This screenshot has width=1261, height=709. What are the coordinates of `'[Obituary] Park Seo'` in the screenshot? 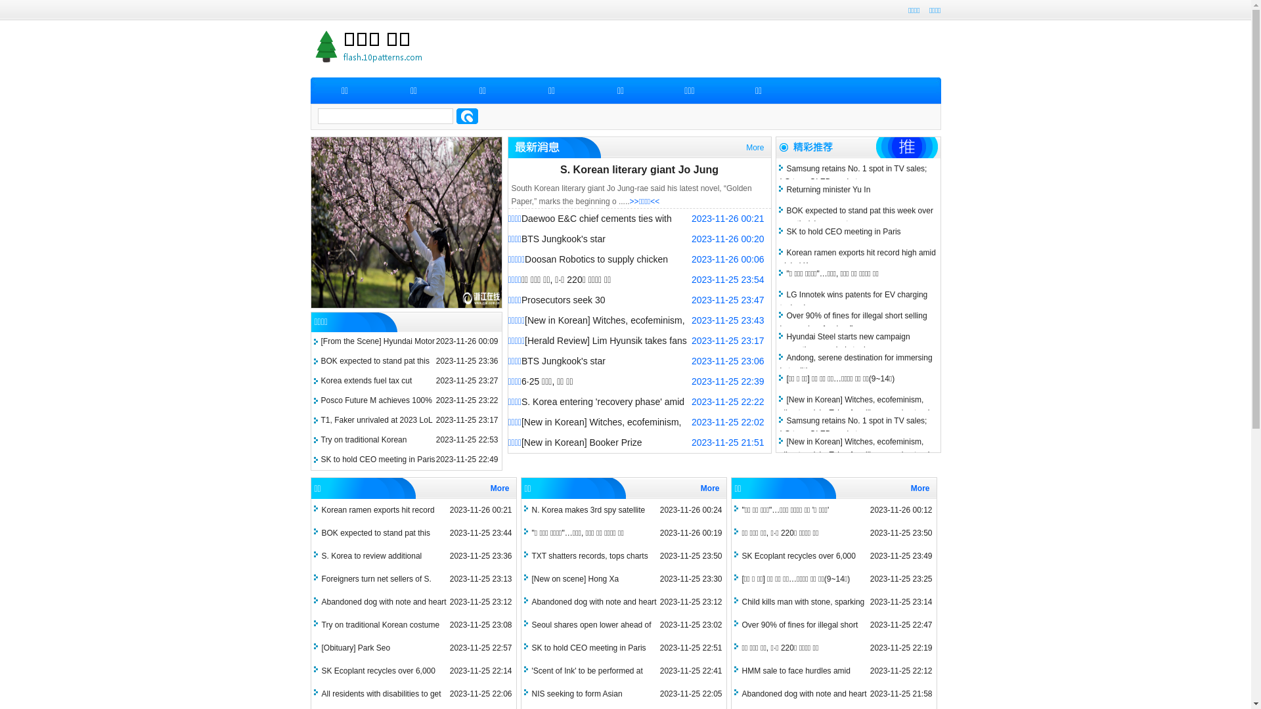 It's located at (353, 647).